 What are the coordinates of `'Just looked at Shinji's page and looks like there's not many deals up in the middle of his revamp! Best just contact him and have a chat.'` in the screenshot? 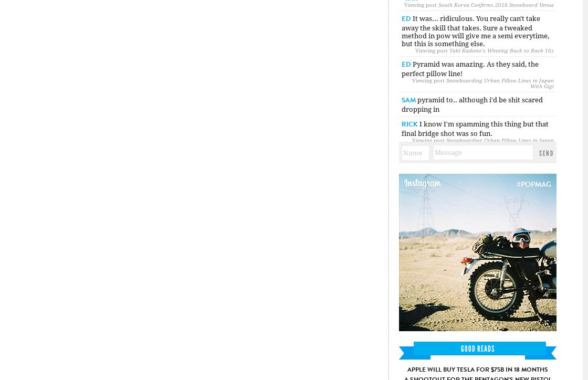 It's located at (401, 230).